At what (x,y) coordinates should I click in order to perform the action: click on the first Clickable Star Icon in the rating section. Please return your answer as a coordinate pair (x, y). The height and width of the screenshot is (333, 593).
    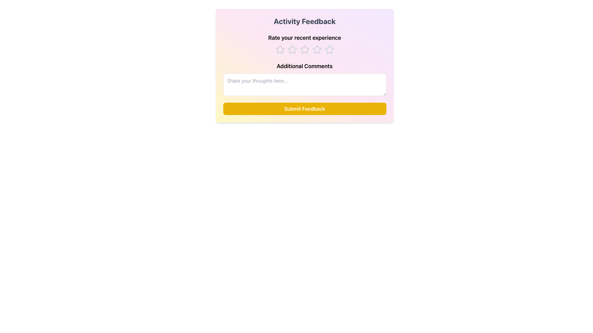
    Looking at the image, I should click on (280, 49).